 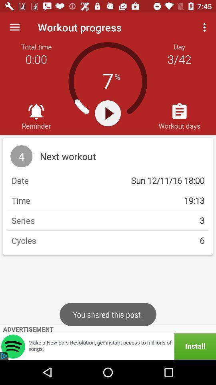 What do you see at coordinates (108, 346) in the screenshot?
I see `advertisement for spotify` at bounding box center [108, 346].